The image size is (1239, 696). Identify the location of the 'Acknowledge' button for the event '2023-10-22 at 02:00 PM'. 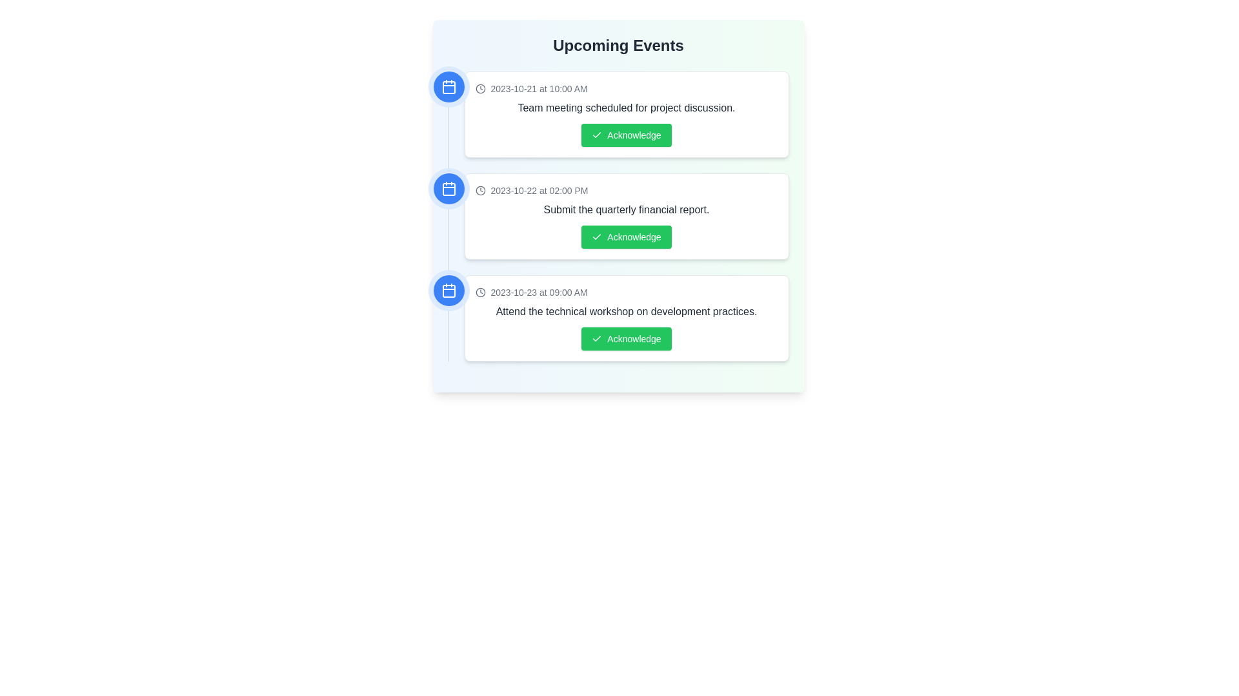
(626, 237).